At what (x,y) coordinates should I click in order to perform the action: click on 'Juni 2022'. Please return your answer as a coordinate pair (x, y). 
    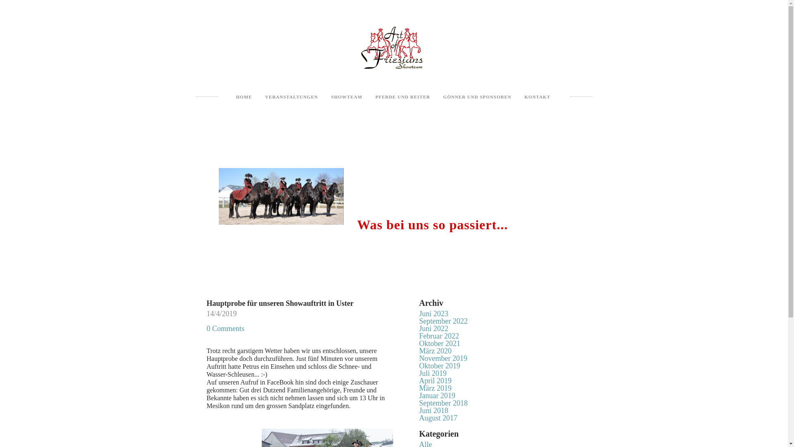
    Looking at the image, I should click on (433, 328).